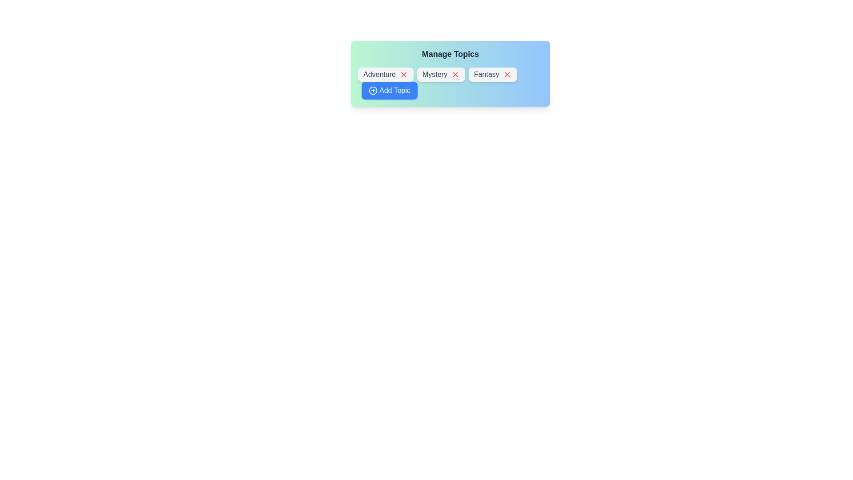 The width and height of the screenshot is (853, 480). Describe the element at coordinates (435, 74) in the screenshot. I see `the text of the chip label Mystery for copying` at that location.